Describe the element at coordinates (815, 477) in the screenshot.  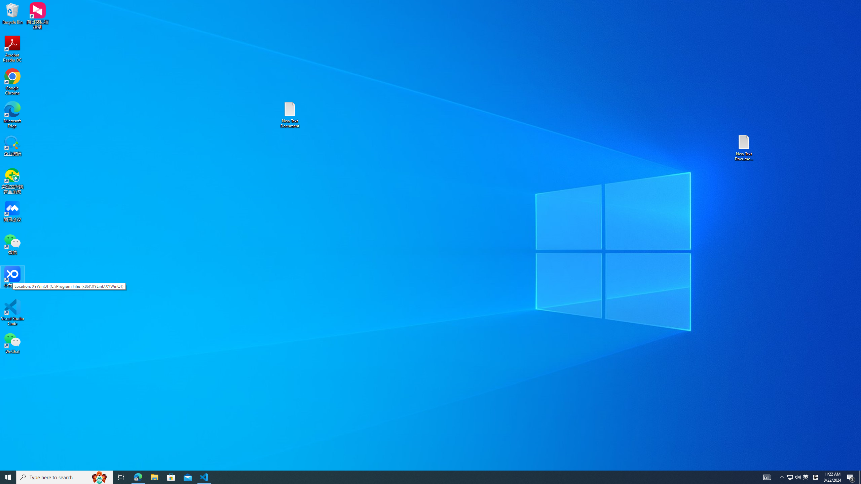
I see `'Tray Input Indicator - Chinese (Simplified, China)'` at that location.